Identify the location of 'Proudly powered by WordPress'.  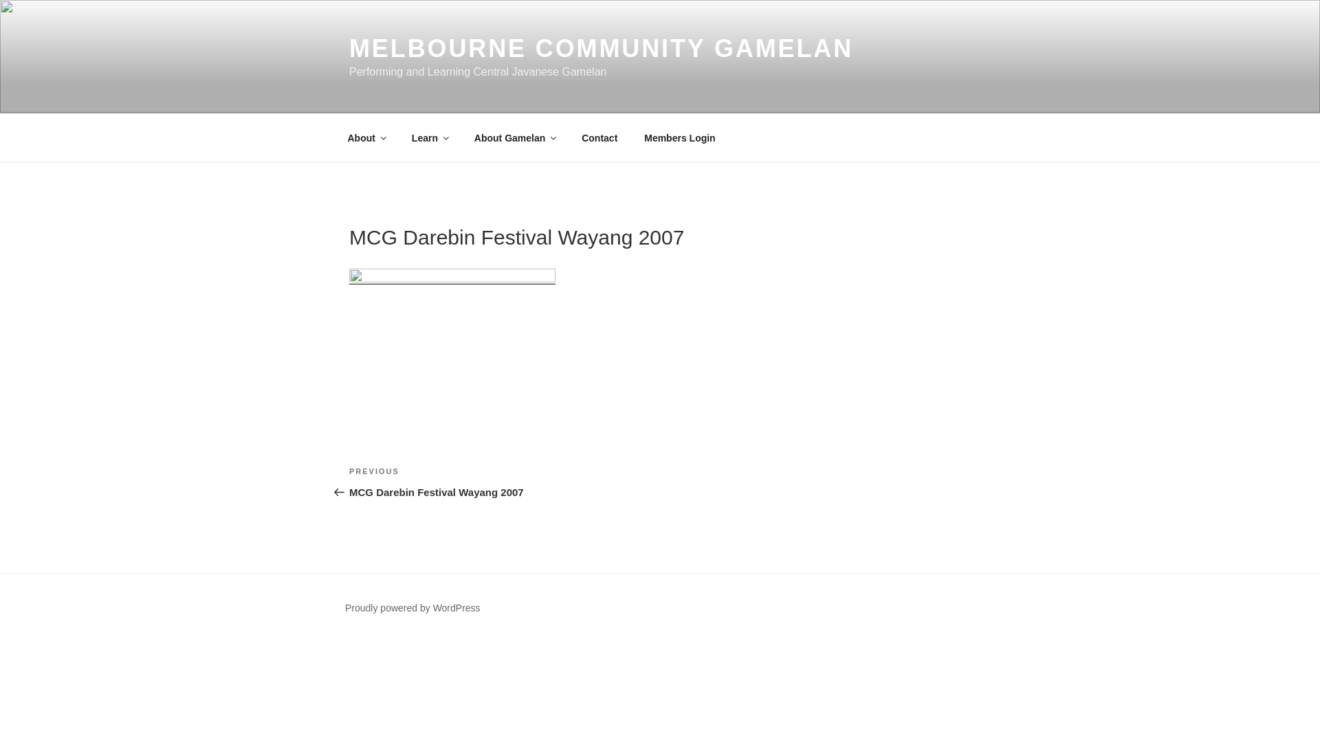
(412, 607).